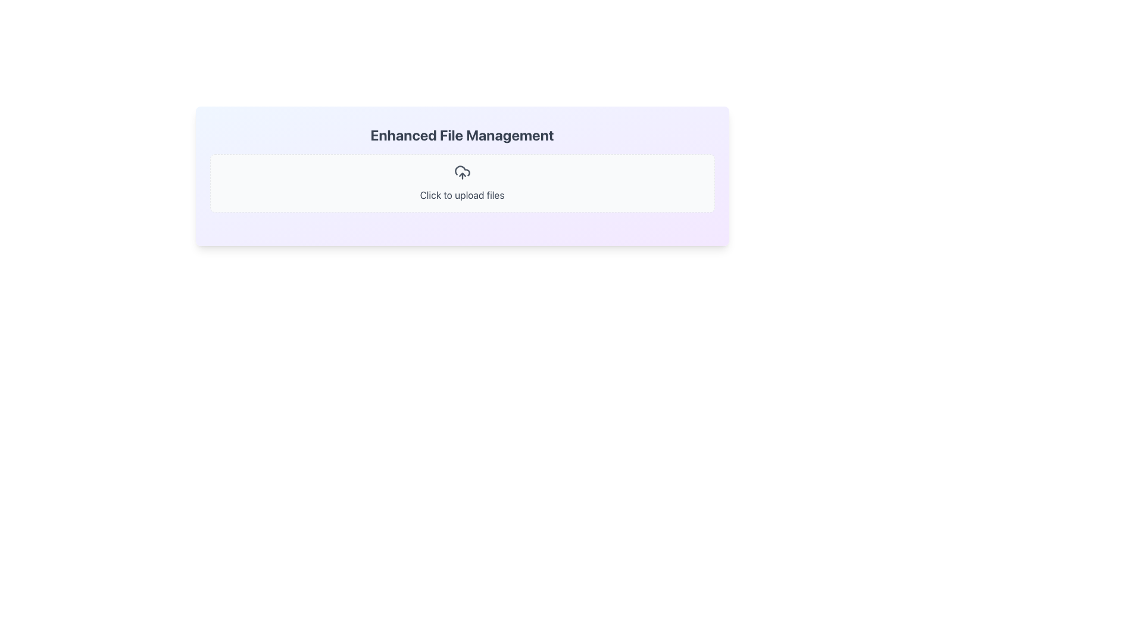 Image resolution: width=1143 pixels, height=643 pixels. Describe the element at coordinates (461, 194) in the screenshot. I see `the static text prompt located below the upload icon to initiate the file upload action` at that location.